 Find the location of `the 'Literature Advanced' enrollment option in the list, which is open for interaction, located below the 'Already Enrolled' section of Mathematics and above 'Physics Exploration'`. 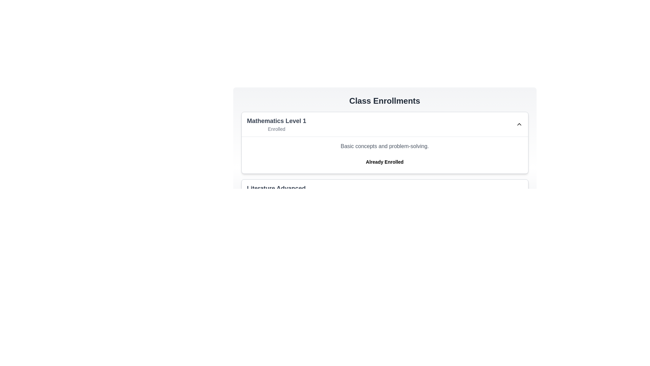

the 'Literature Advanced' enrollment option in the list, which is open for interaction, located below the 'Already Enrolled' section of Mathematics and above 'Physics Exploration' is located at coordinates (385, 192).